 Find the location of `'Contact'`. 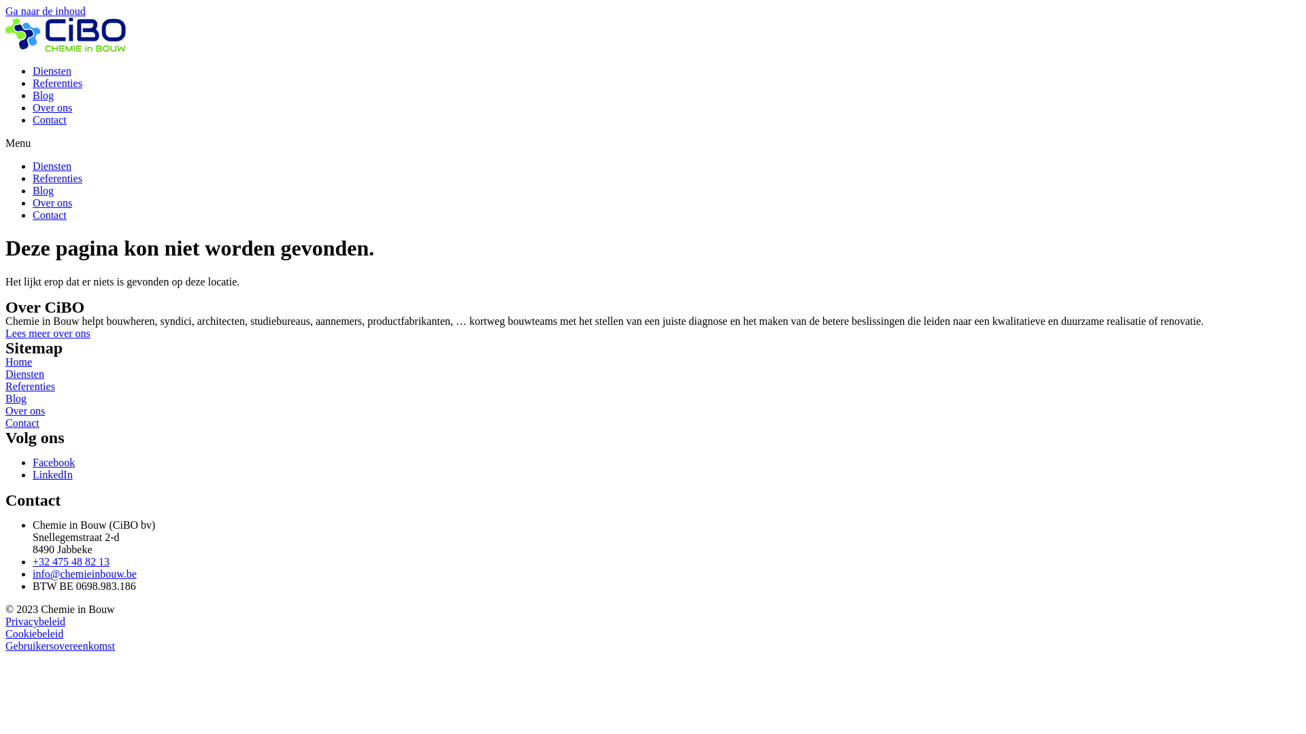

'Contact' is located at coordinates (49, 214).